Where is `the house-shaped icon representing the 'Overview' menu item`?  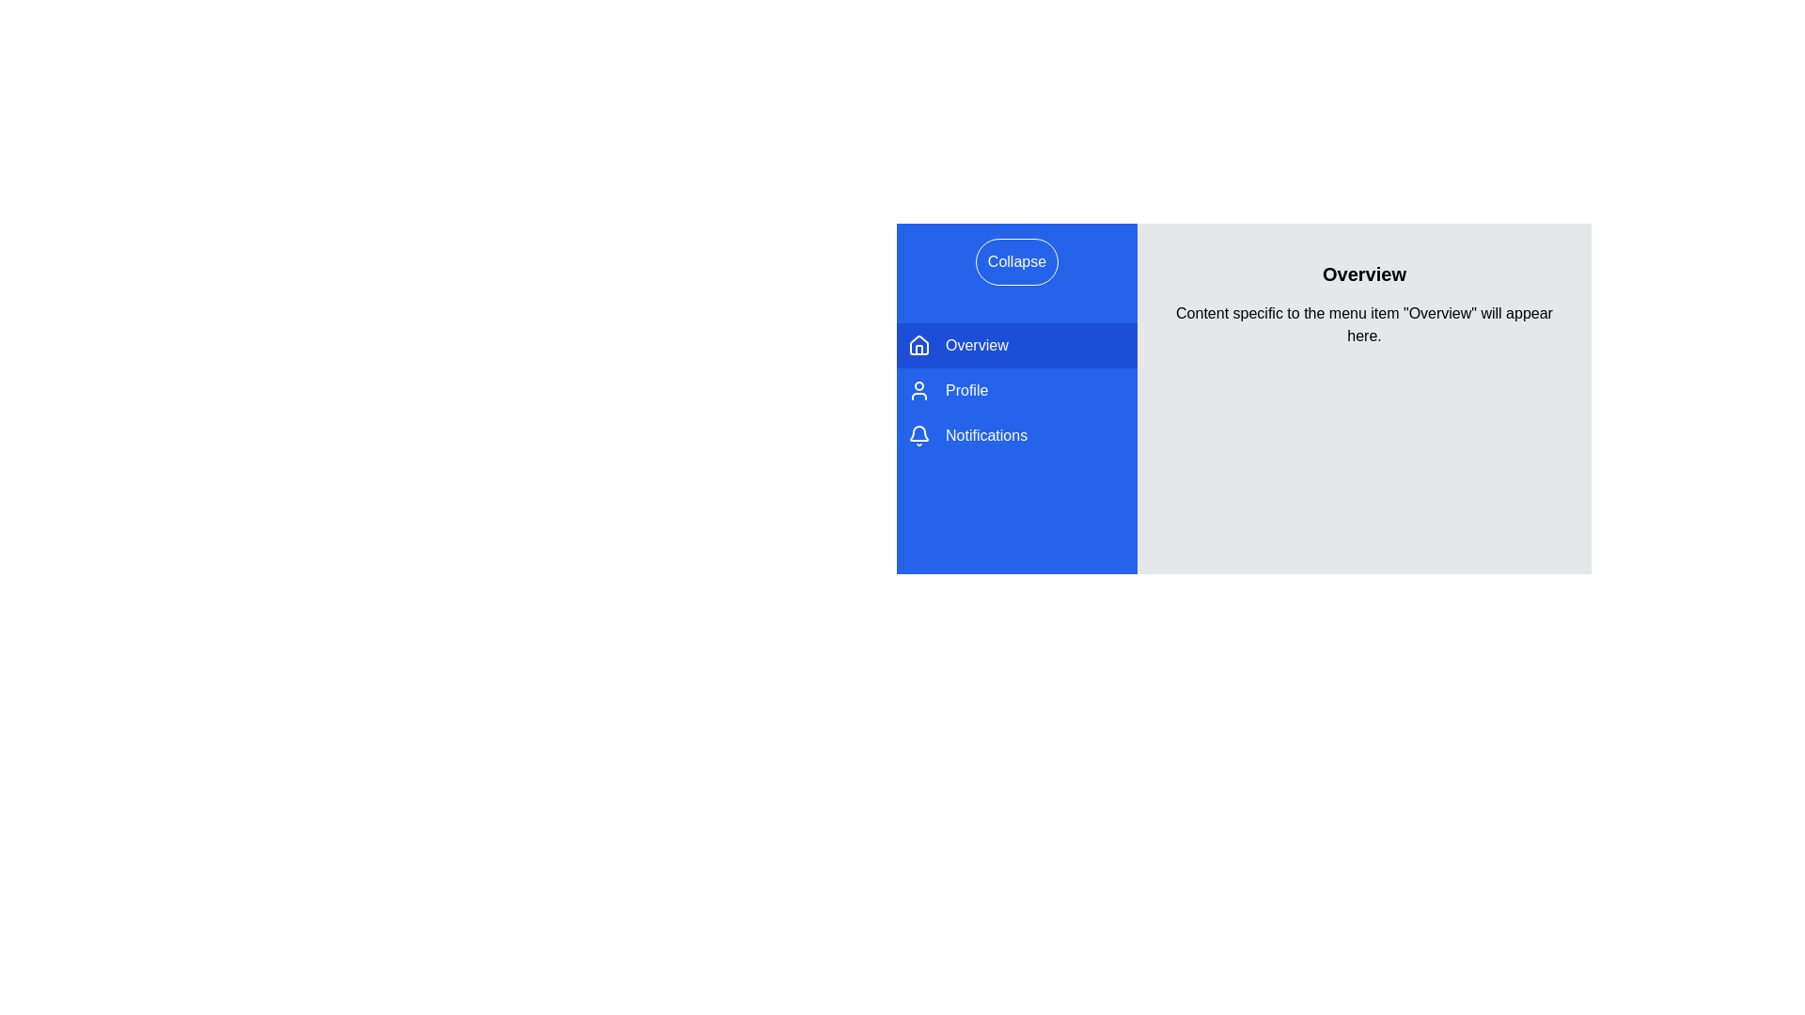
the house-shaped icon representing the 'Overview' menu item is located at coordinates (919, 344).